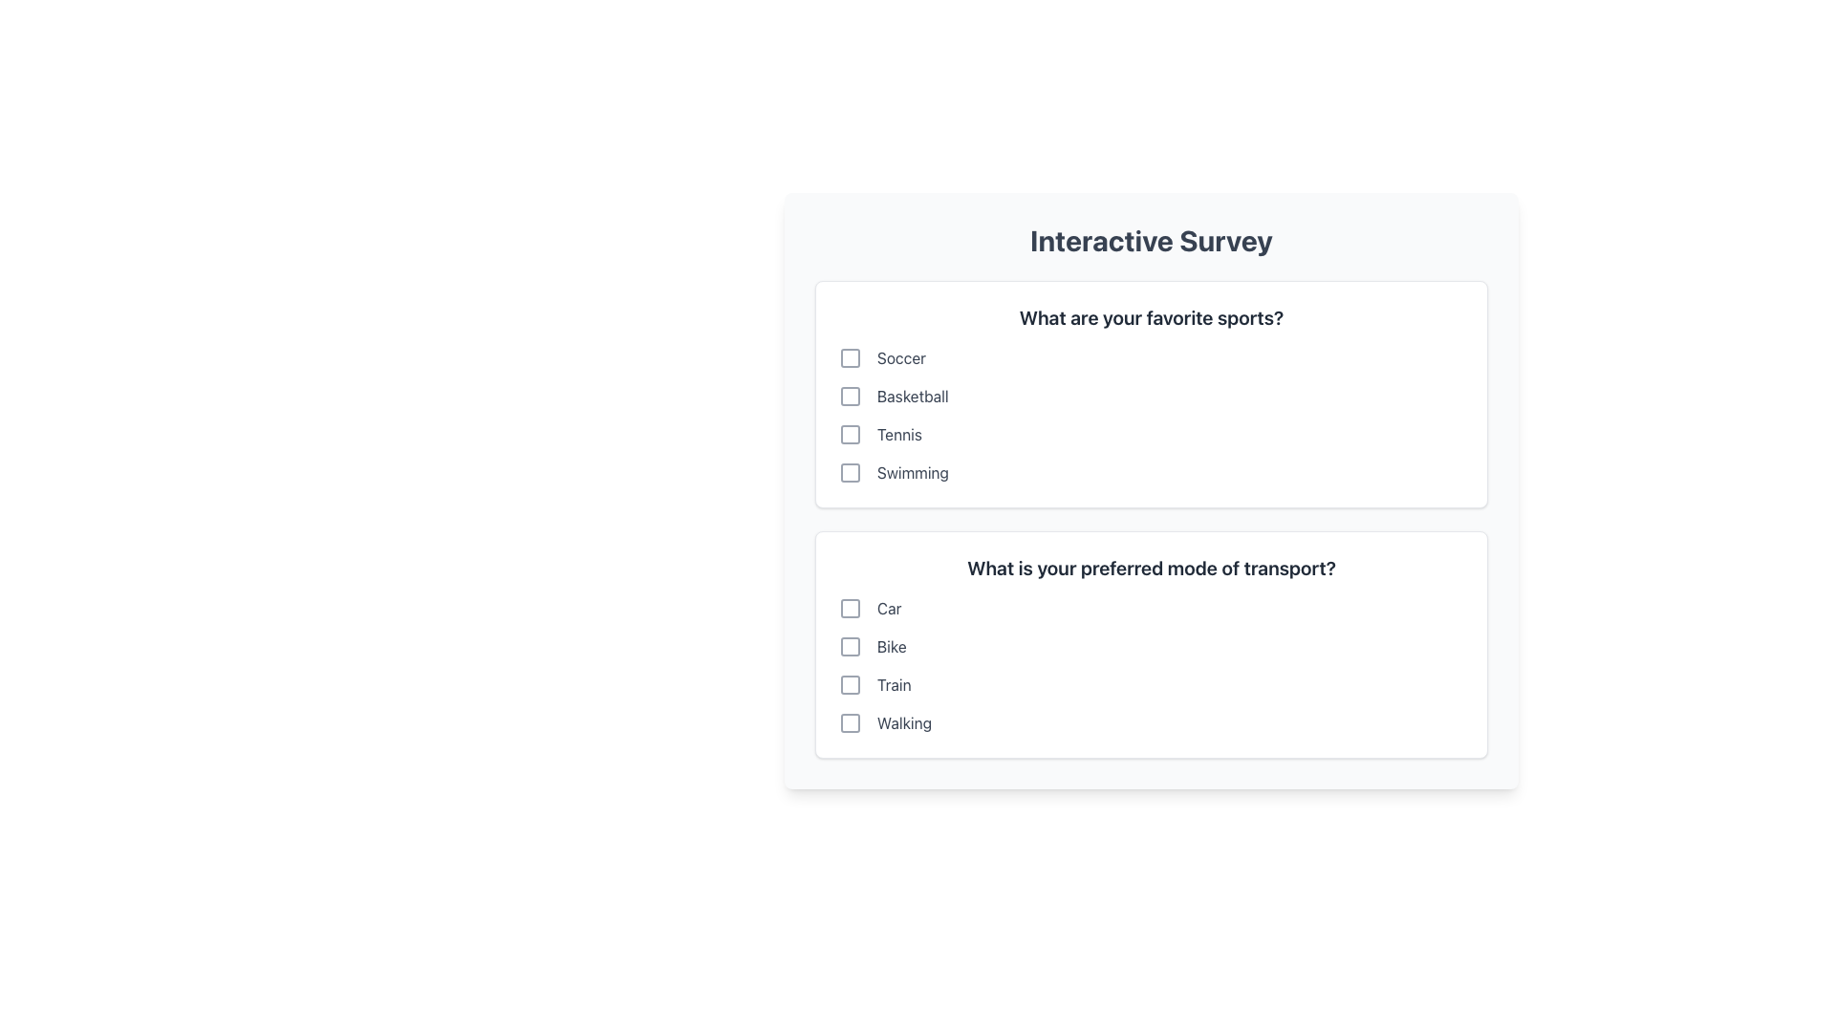 The width and height of the screenshot is (1835, 1032). Describe the element at coordinates (849, 684) in the screenshot. I see `the checkbox state indicator associated with the label 'Train' in the survey question 'What is your preferred mode of transport?'` at that location.